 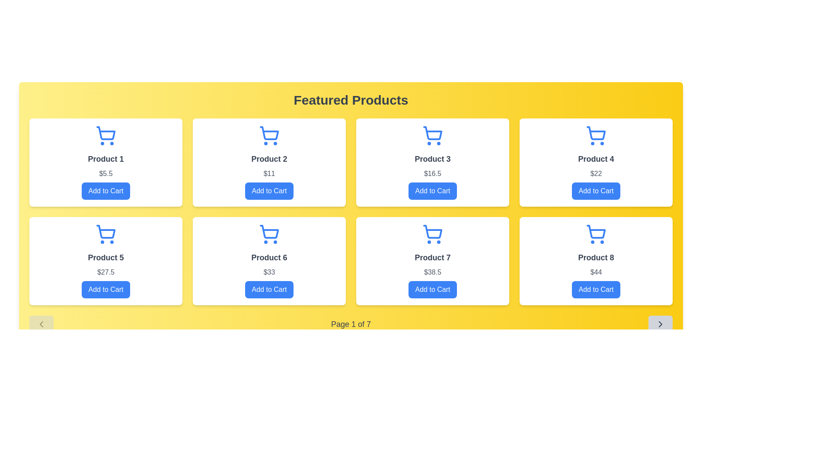 I want to click on the button that adds 'Product 5' priced at '$27.5' to the shopping cart, located in the first card of the second row, below the product price, so click(x=105, y=290).